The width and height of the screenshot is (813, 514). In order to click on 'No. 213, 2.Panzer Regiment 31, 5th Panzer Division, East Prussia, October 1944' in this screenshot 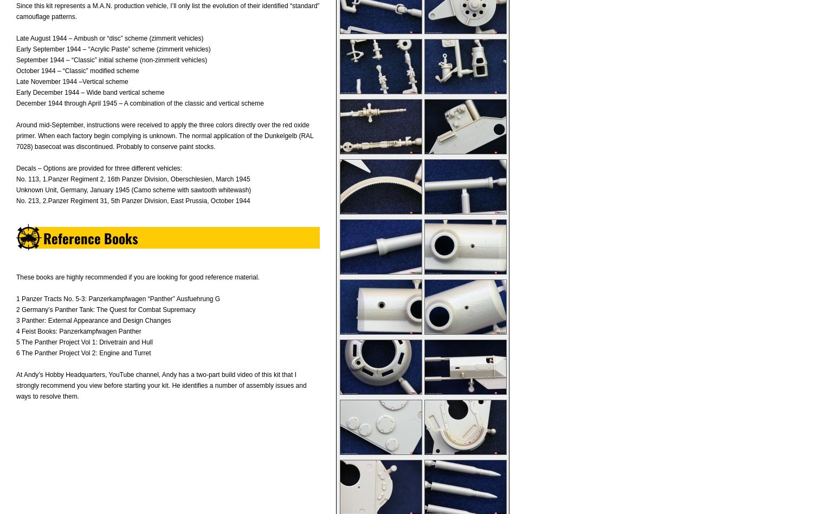, I will do `click(132, 200)`.